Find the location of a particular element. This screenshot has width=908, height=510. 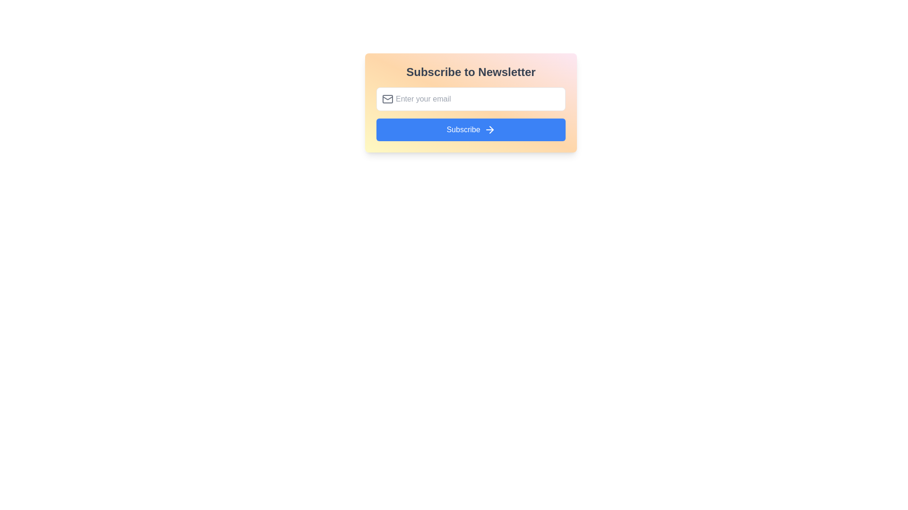

the decorative rectangular SVG shape of the email icon, which is located to the left of the 'Enter your email' input field is located at coordinates (388, 99).